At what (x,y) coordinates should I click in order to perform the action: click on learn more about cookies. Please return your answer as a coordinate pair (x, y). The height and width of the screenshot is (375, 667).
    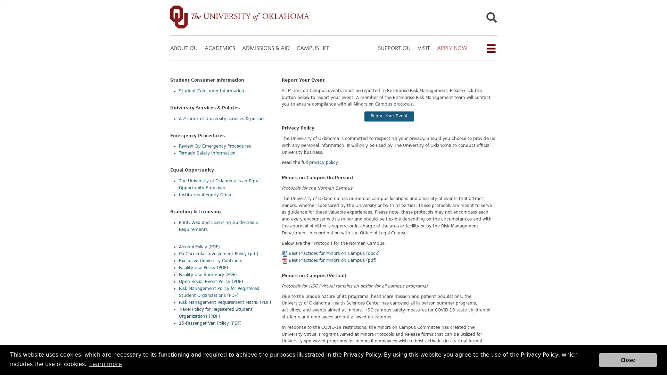
    Looking at the image, I should click on (105, 364).